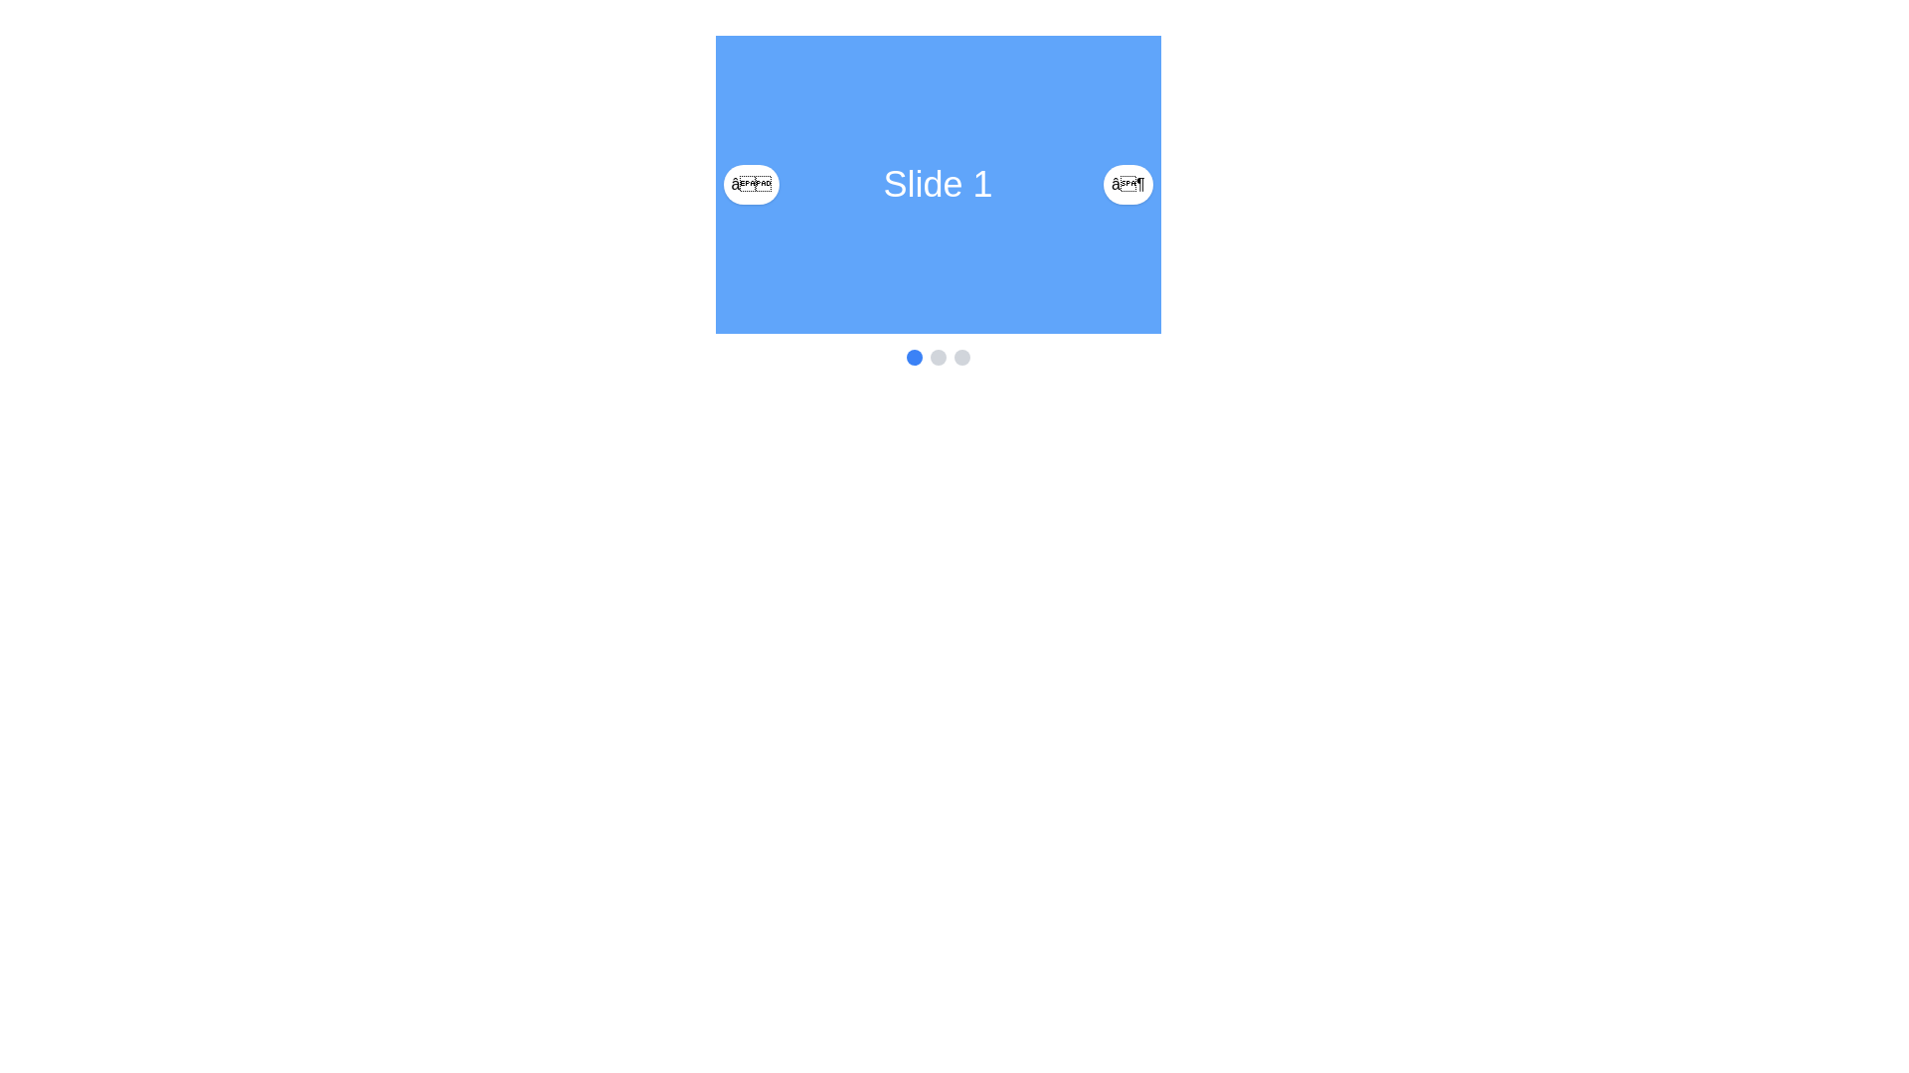  Describe the element at coordinates (937, 356) in the screenshot. I see `the second pagination indicator button located horizontally centered below the 'Slide 1' blue box` at that location.